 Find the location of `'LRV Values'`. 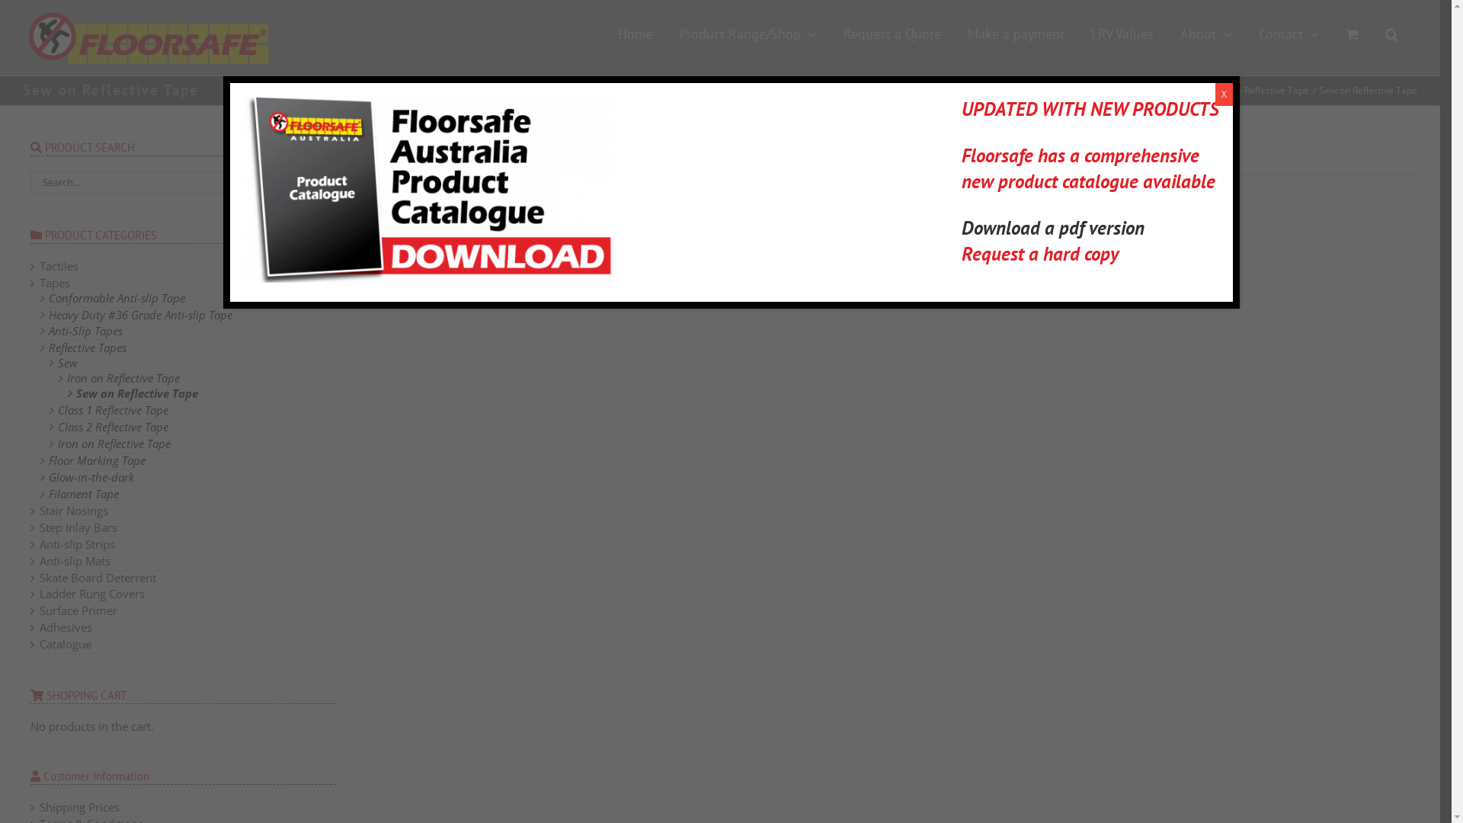

'LRV Values' is located at coordinates (1122, 34).